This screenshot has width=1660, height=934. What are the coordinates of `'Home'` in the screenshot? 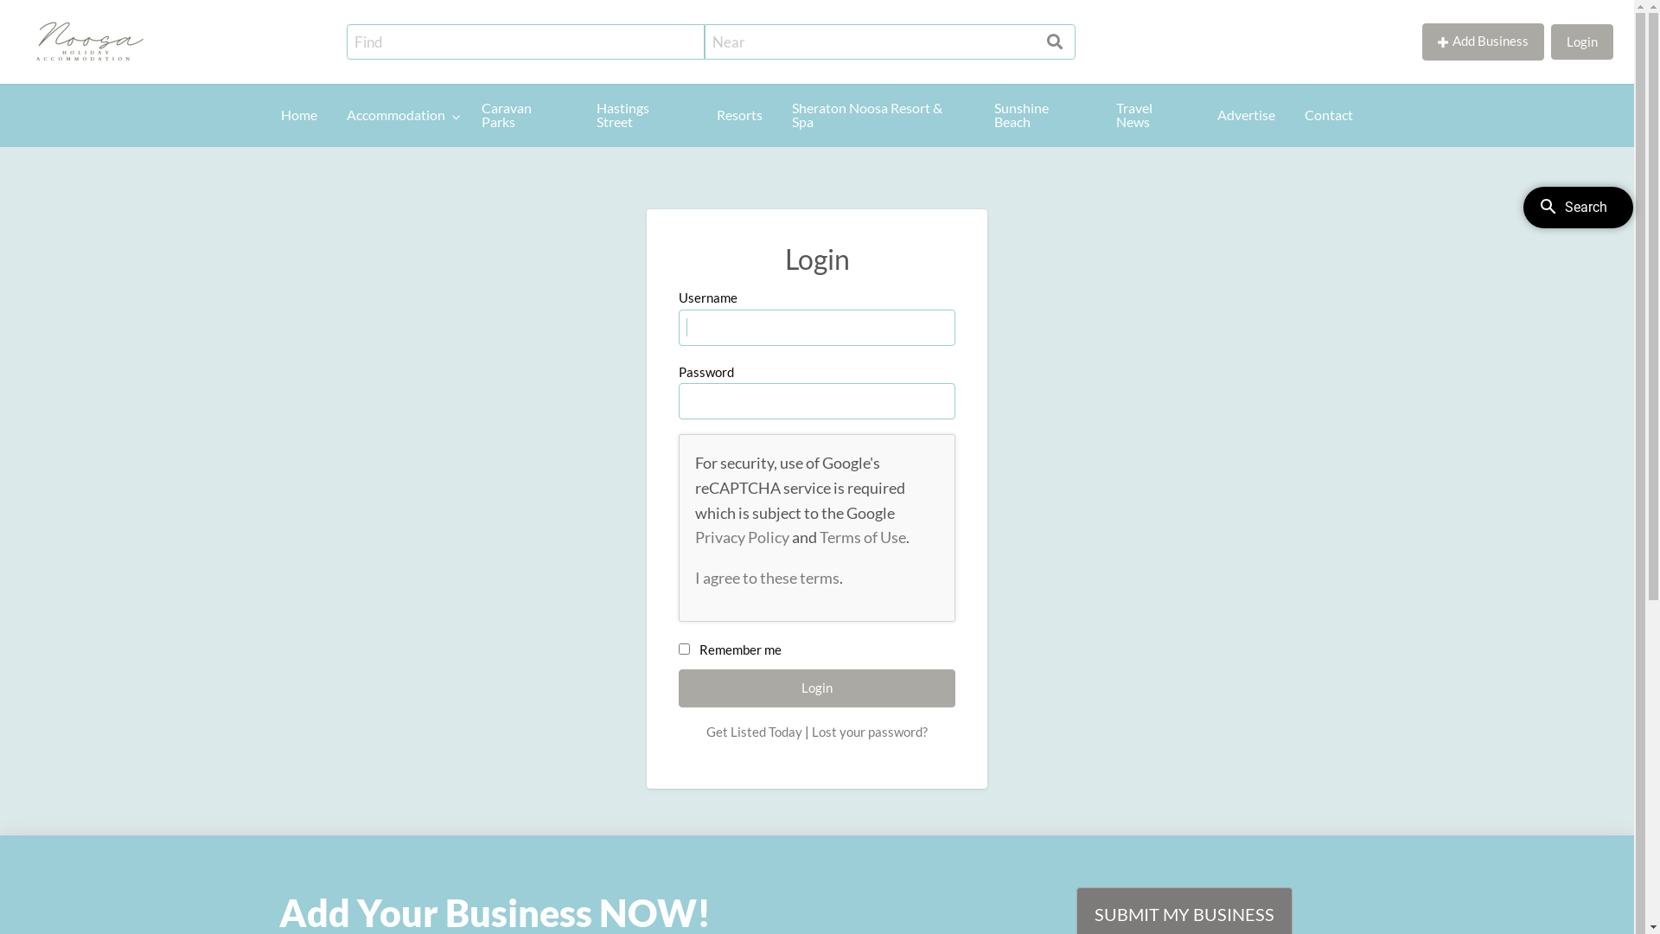 It's located at (298, 115).